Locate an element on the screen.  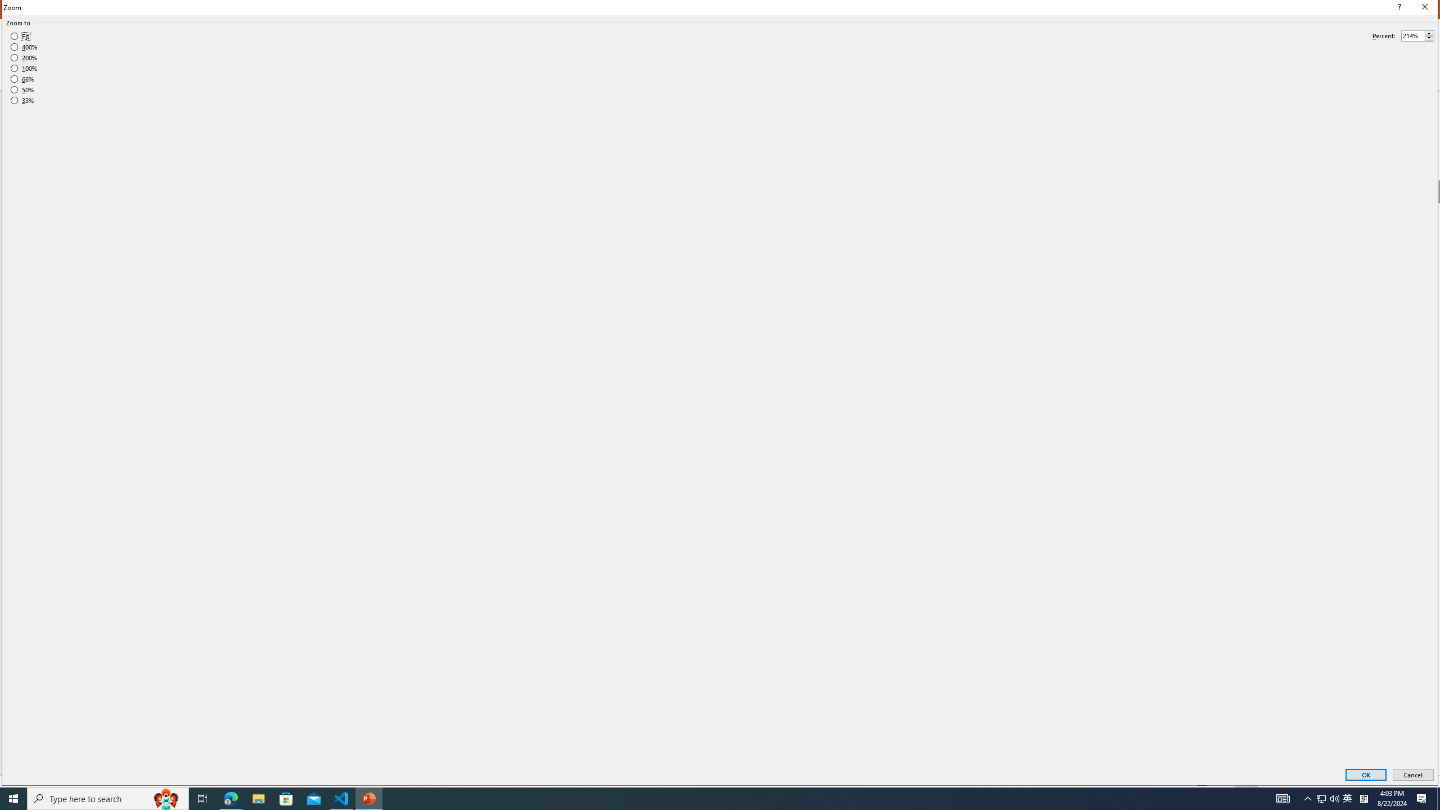
'400%' is located at coordinates (24, 47).